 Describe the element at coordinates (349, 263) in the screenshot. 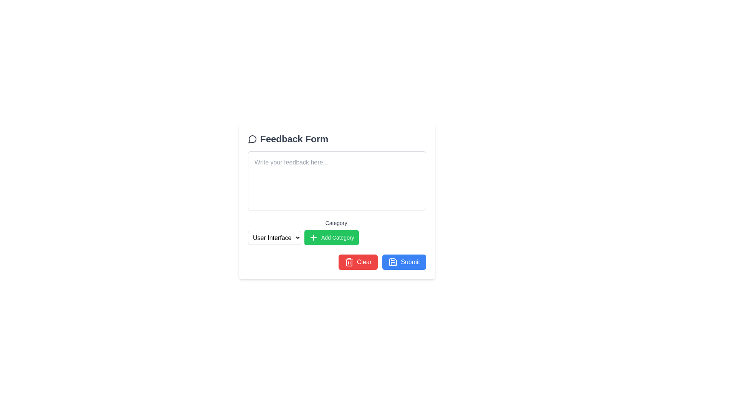

I see `the trash icon vector graphic within the red 'Clear' button to trigger its associated action for resetting or deleting entries` at that location.